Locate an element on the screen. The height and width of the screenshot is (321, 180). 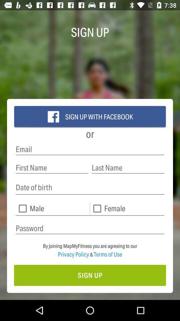
first name is located at coordinates (52, 167).